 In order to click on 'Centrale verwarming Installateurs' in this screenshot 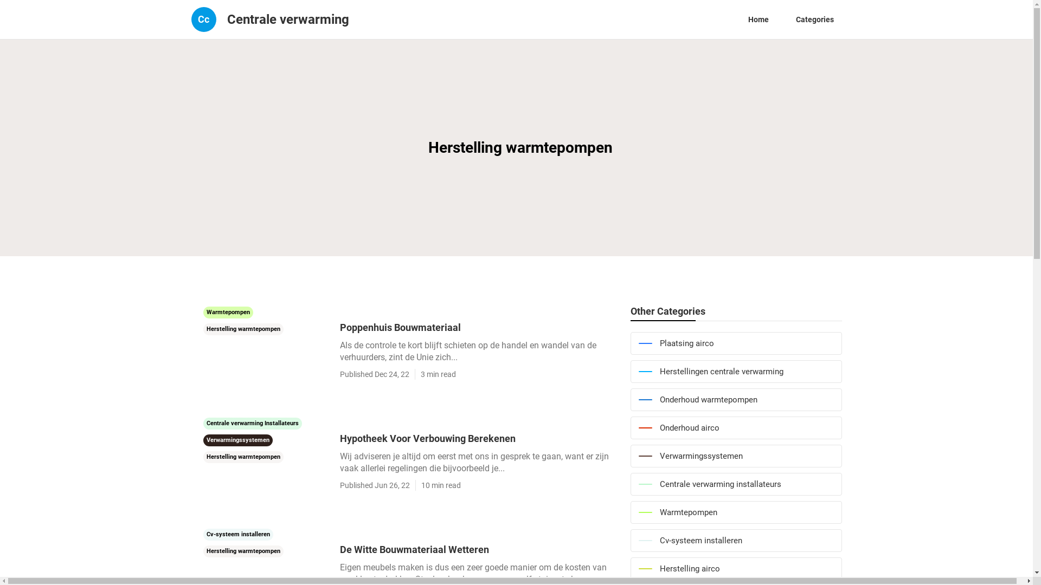, I will do `click(252, 421)`.